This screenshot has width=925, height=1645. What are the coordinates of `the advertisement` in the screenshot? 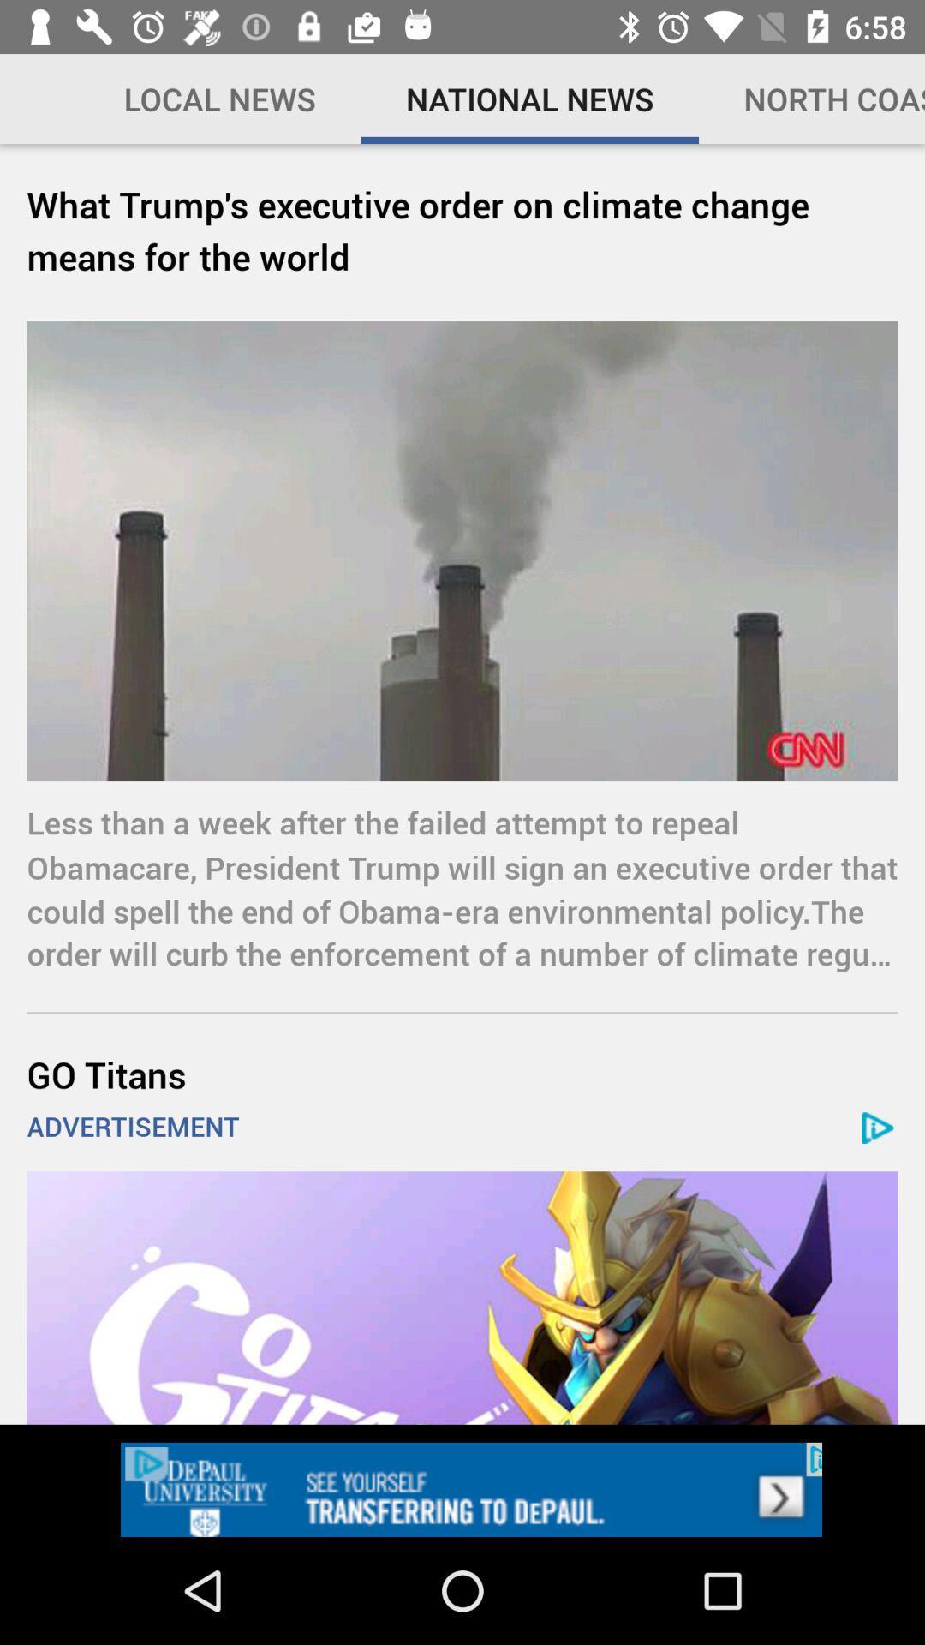 It's located at (462, 1298).